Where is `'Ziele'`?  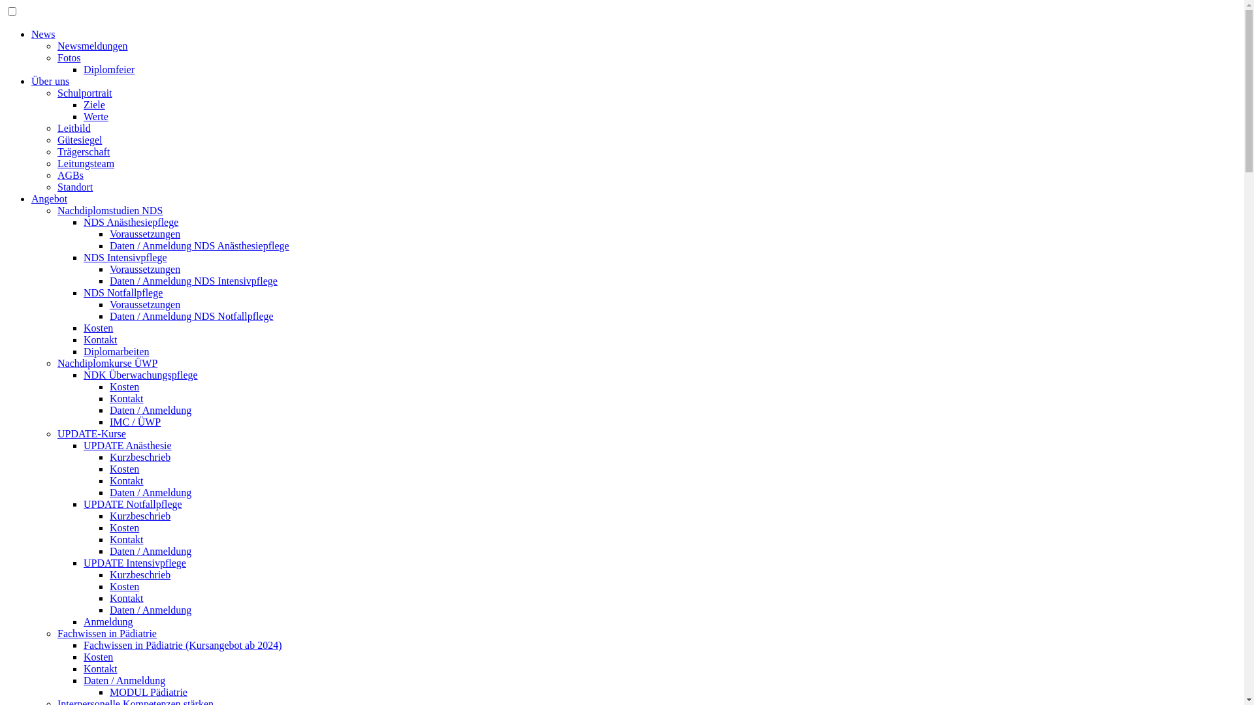
'Ziele' is located at coordinates (83, 104).